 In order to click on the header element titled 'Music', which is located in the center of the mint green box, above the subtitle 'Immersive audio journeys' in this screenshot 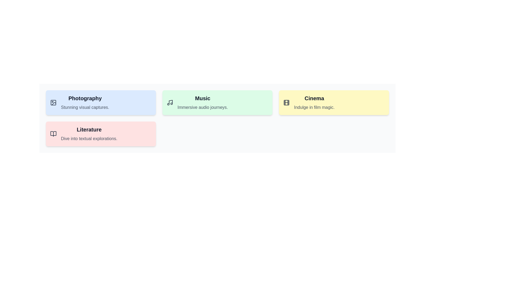, I will do `click(202, 98)`.